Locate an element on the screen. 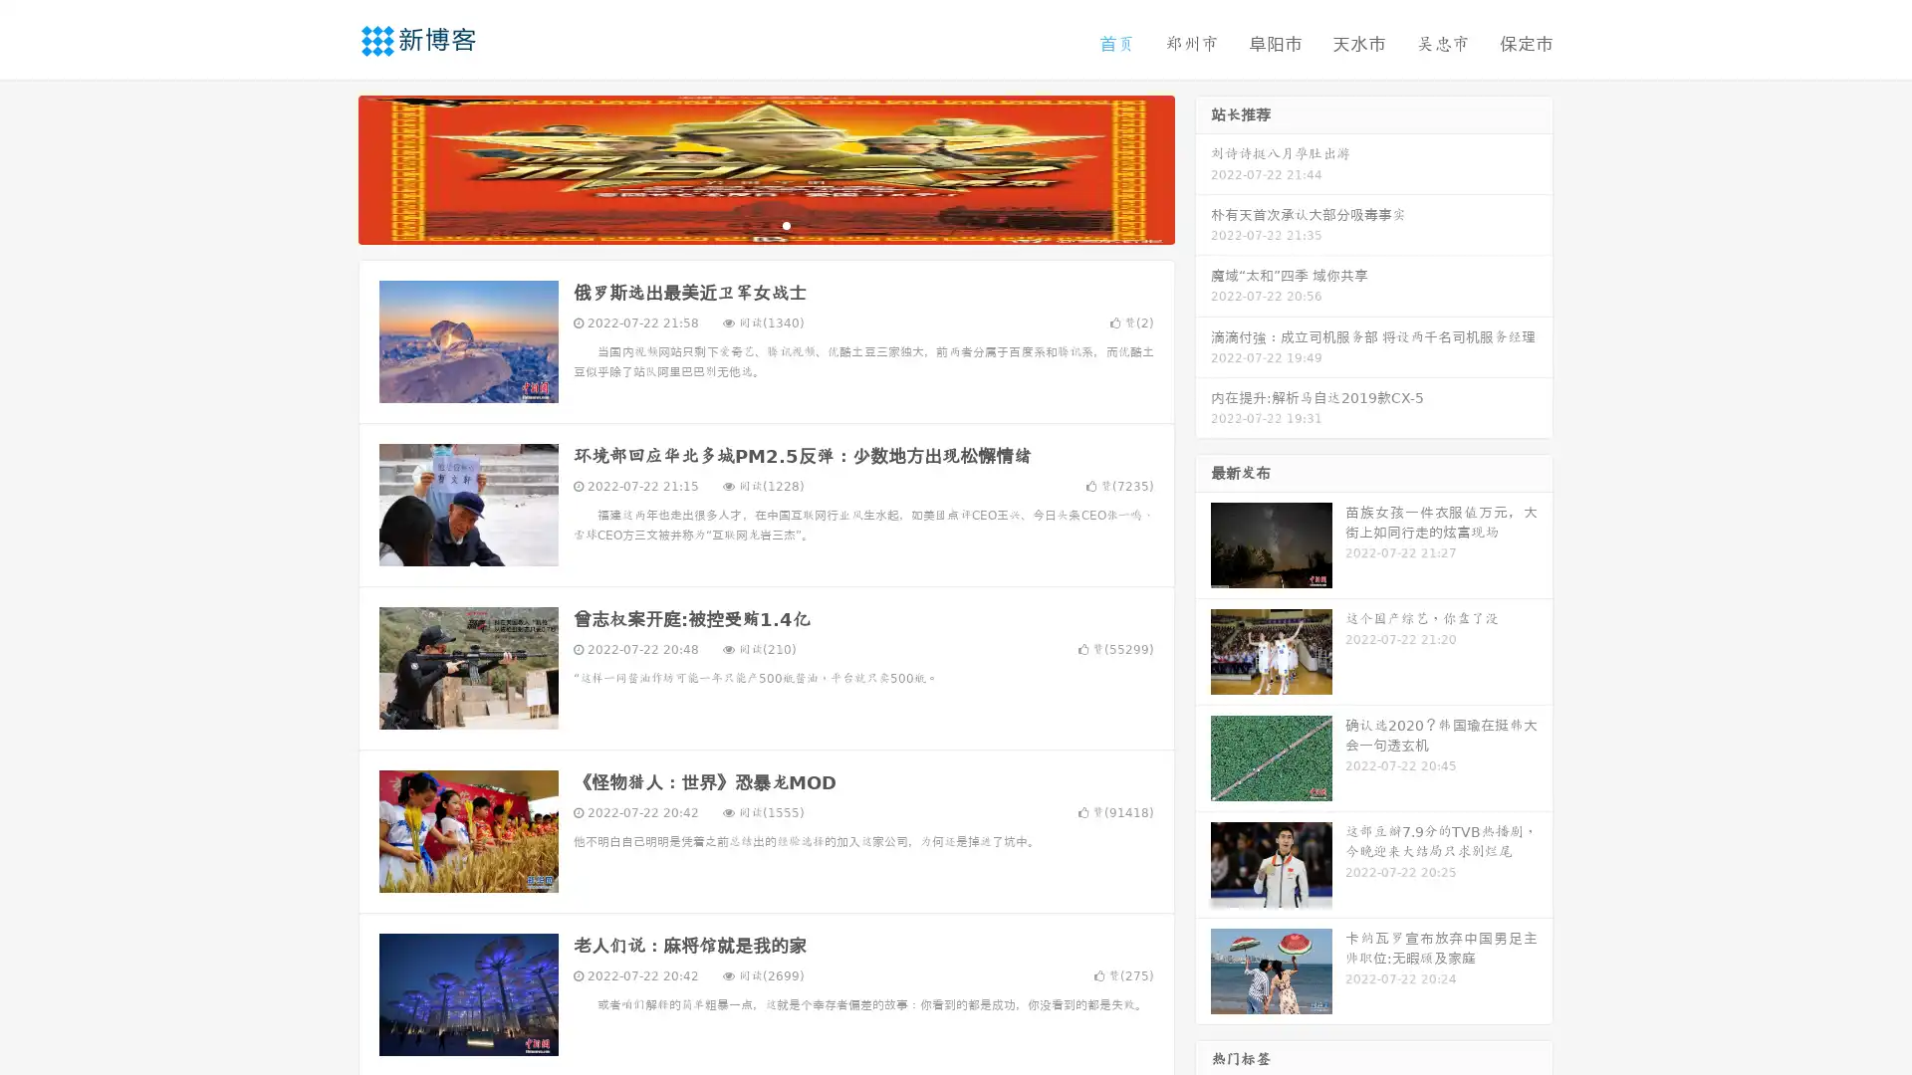  Next slide is located at coordinates (1203, 167).